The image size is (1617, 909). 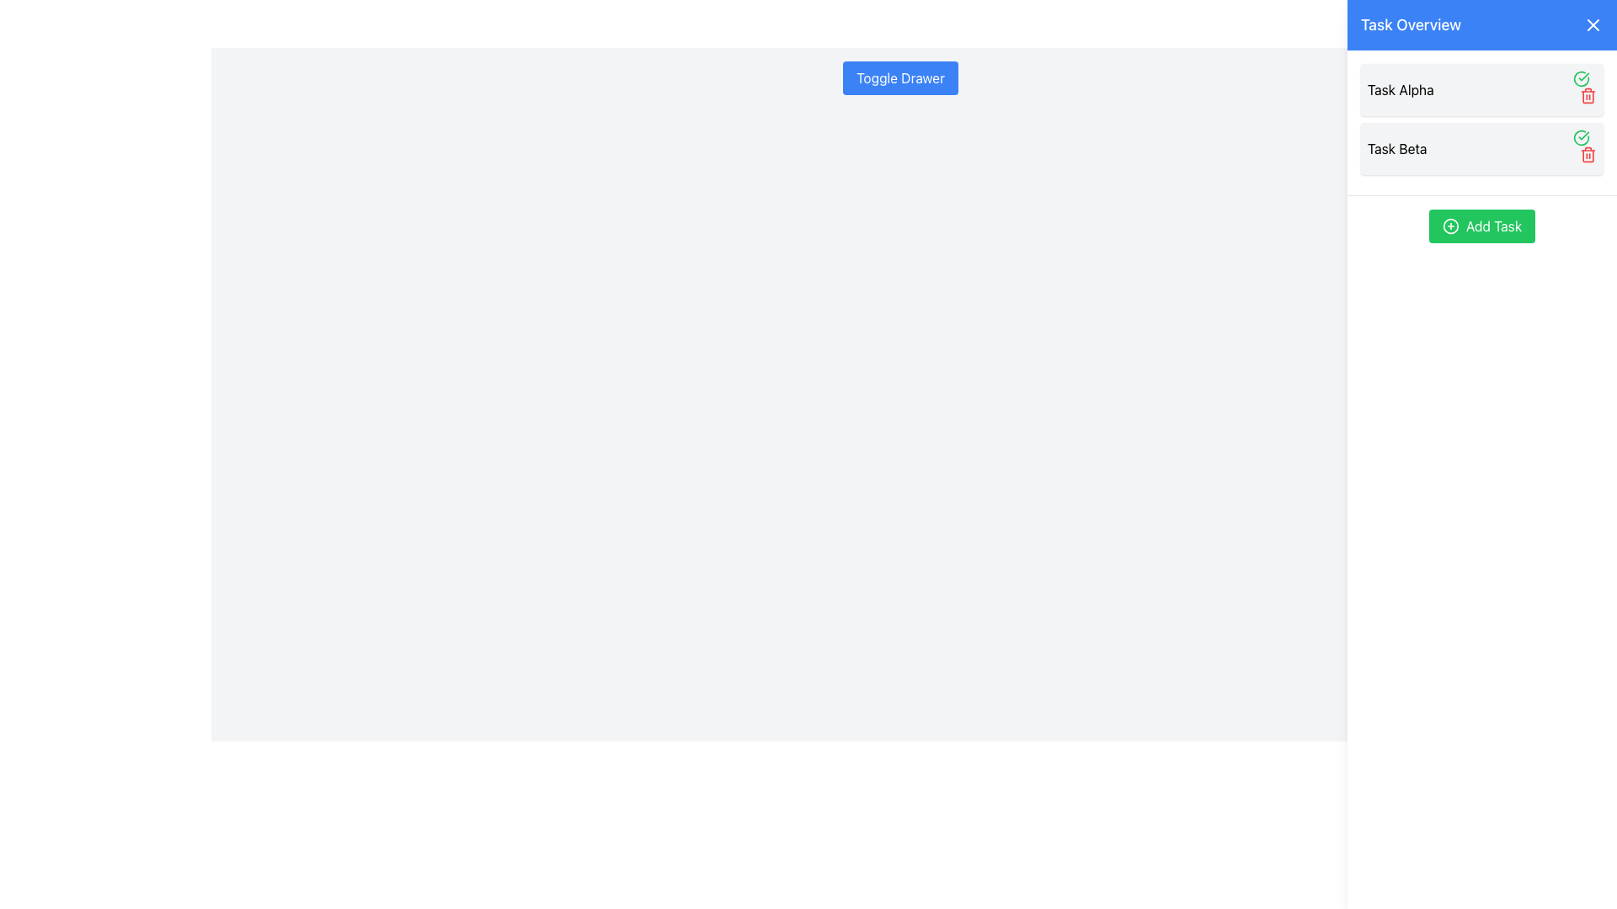 I want to click on the first textual label in the vertically arranged list of task items under the 'Task Overview' header in the right-side panel, so click(x=1401, y=90).